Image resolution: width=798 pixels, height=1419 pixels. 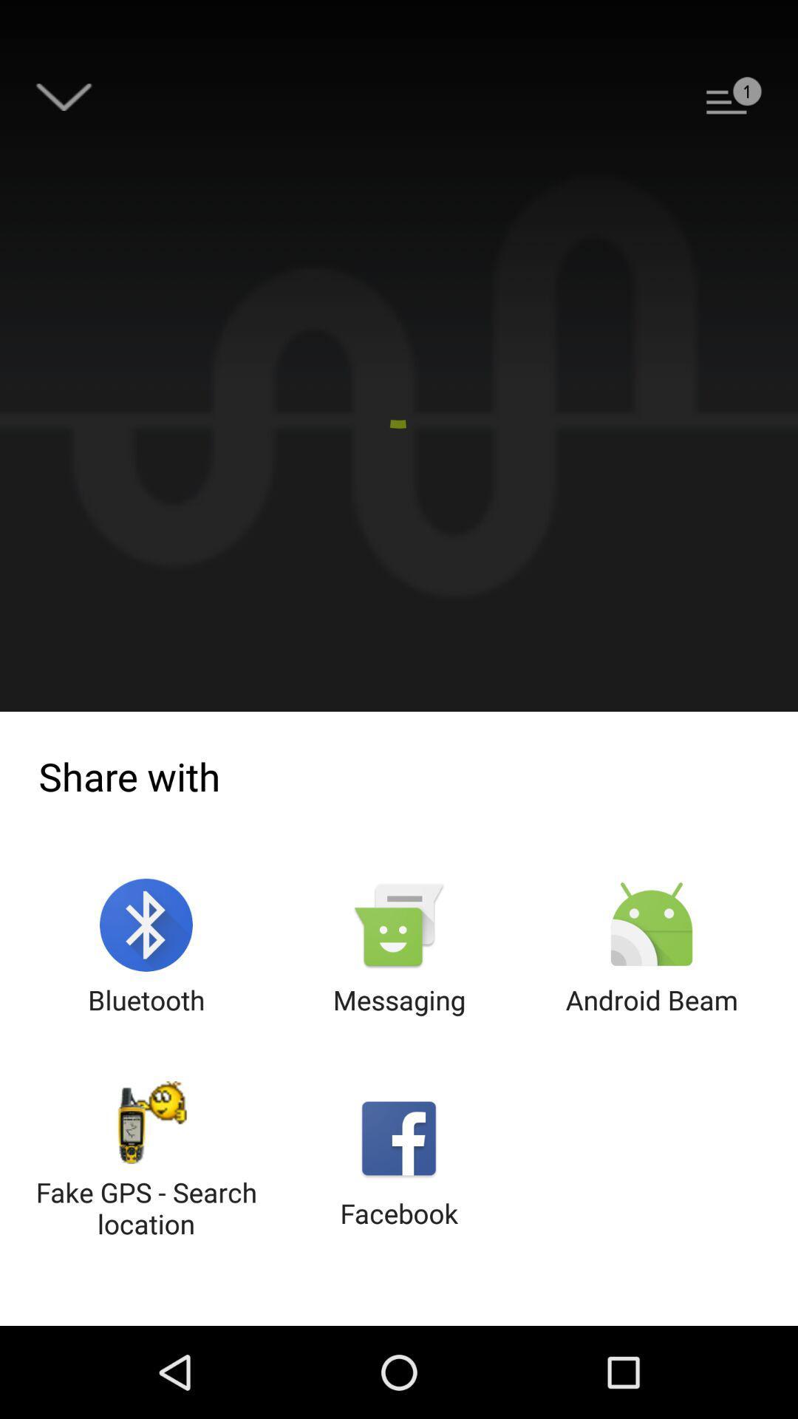 I want to click on fake gps search icon, so click(x=146, y=1161).